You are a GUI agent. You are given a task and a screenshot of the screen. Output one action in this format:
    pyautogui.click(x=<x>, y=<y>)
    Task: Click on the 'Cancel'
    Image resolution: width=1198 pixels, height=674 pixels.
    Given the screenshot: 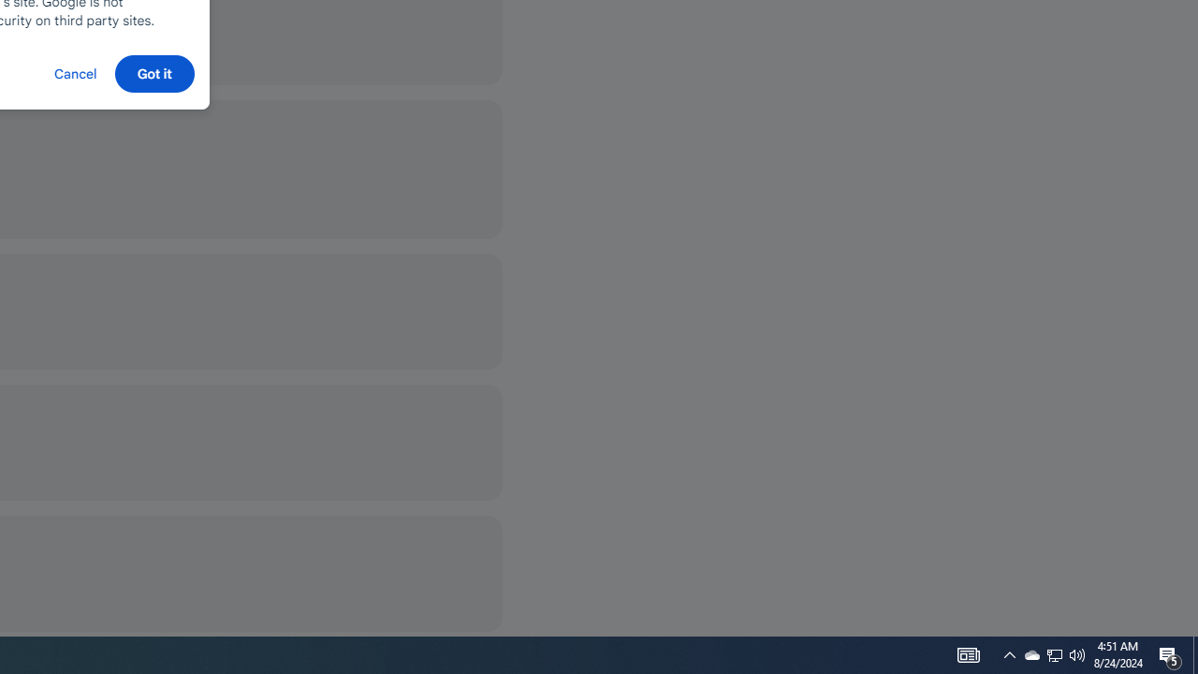 What is the action you would take?
    pyautogui.click(x=75, y=72)
    